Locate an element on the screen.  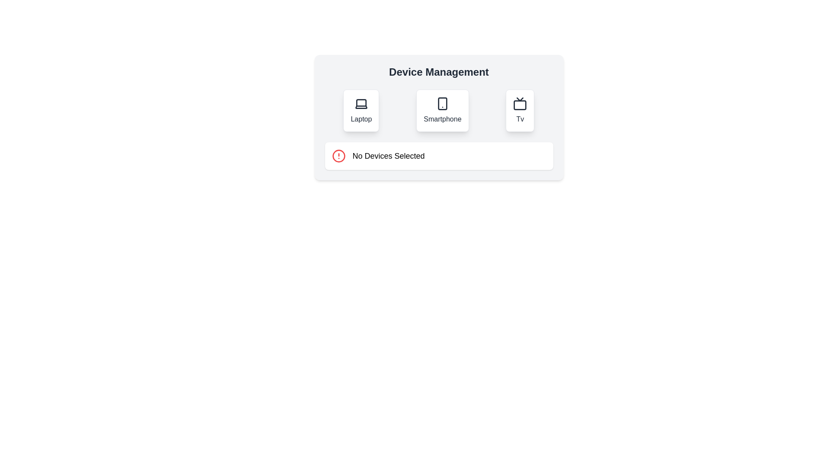
the Interactive Button labeled 'Smartphone' is located at coordinates (439, 110).